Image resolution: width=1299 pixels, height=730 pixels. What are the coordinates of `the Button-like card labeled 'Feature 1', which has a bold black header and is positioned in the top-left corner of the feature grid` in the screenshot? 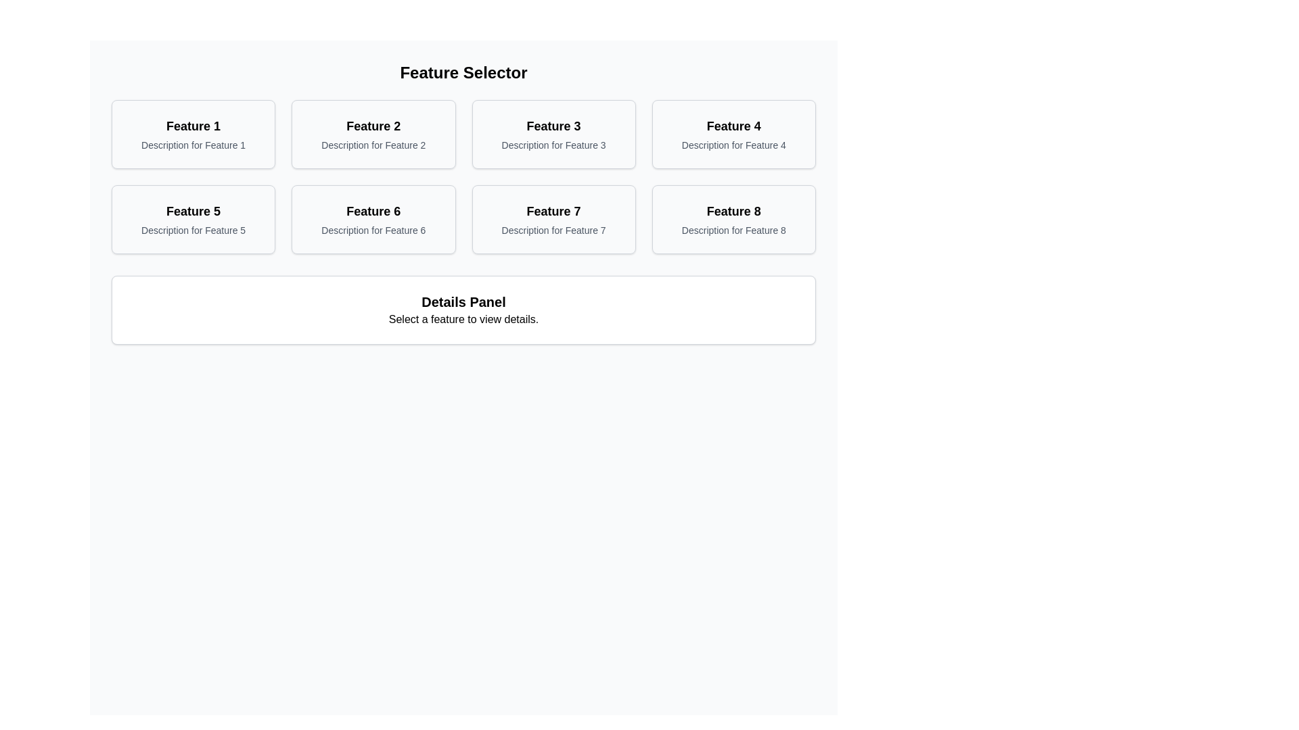 It's located at (193, 135).